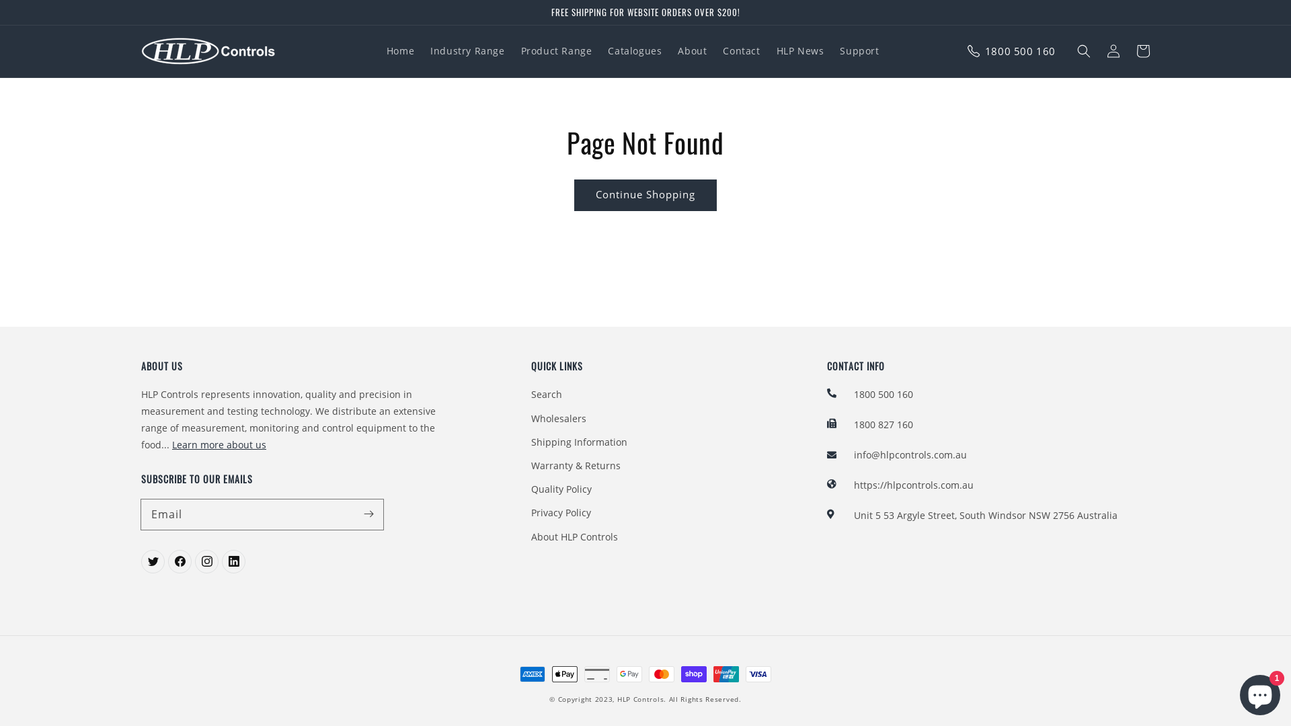 The width and height of the screenshot is (1291, 726). Describe the element at coordinates (740, 50) in the screenshot. I see `'Contact'` at that location.